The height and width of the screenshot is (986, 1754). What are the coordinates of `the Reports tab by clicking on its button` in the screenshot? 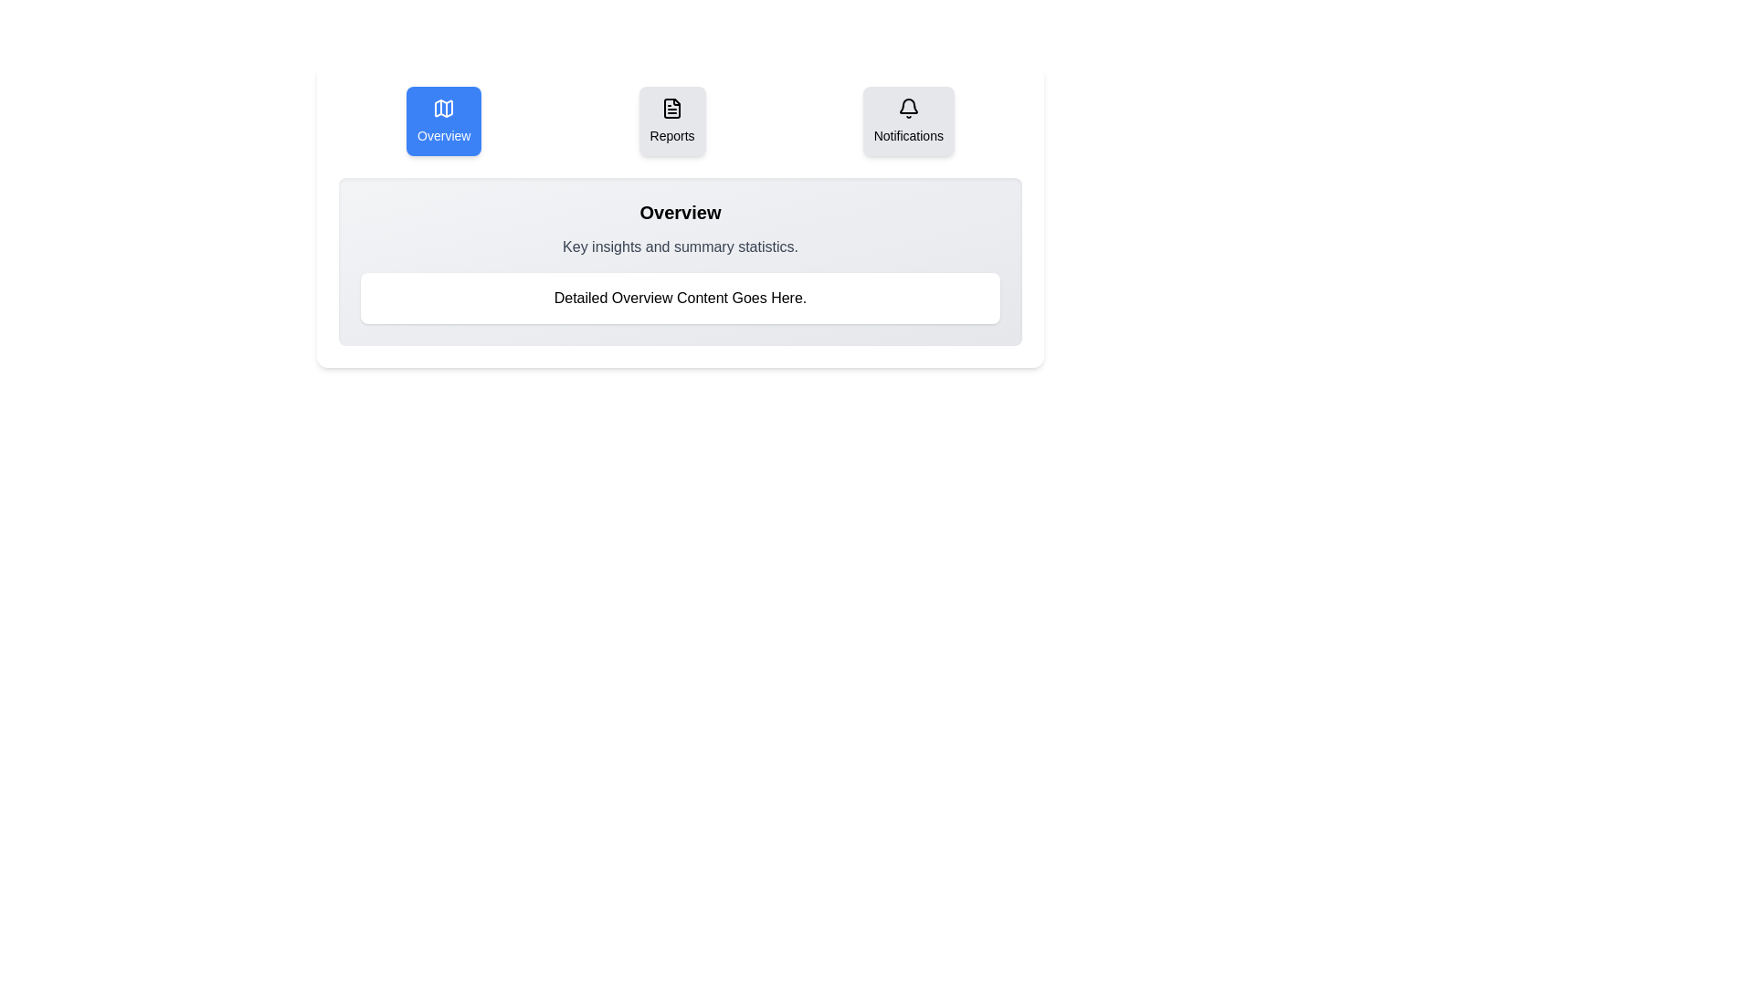 It's located at (671, 121).